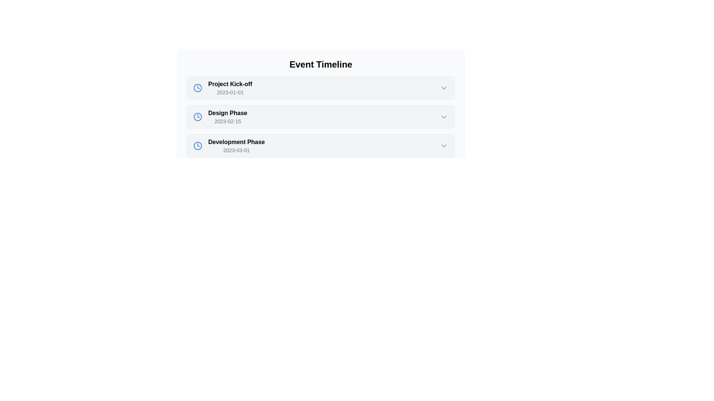 This screenshot has height=401, width=714. I want to click on the downward arrow of the second collapsible list item representing the 'Design Phase' in the 'Event Timeline', so click(321, 117).